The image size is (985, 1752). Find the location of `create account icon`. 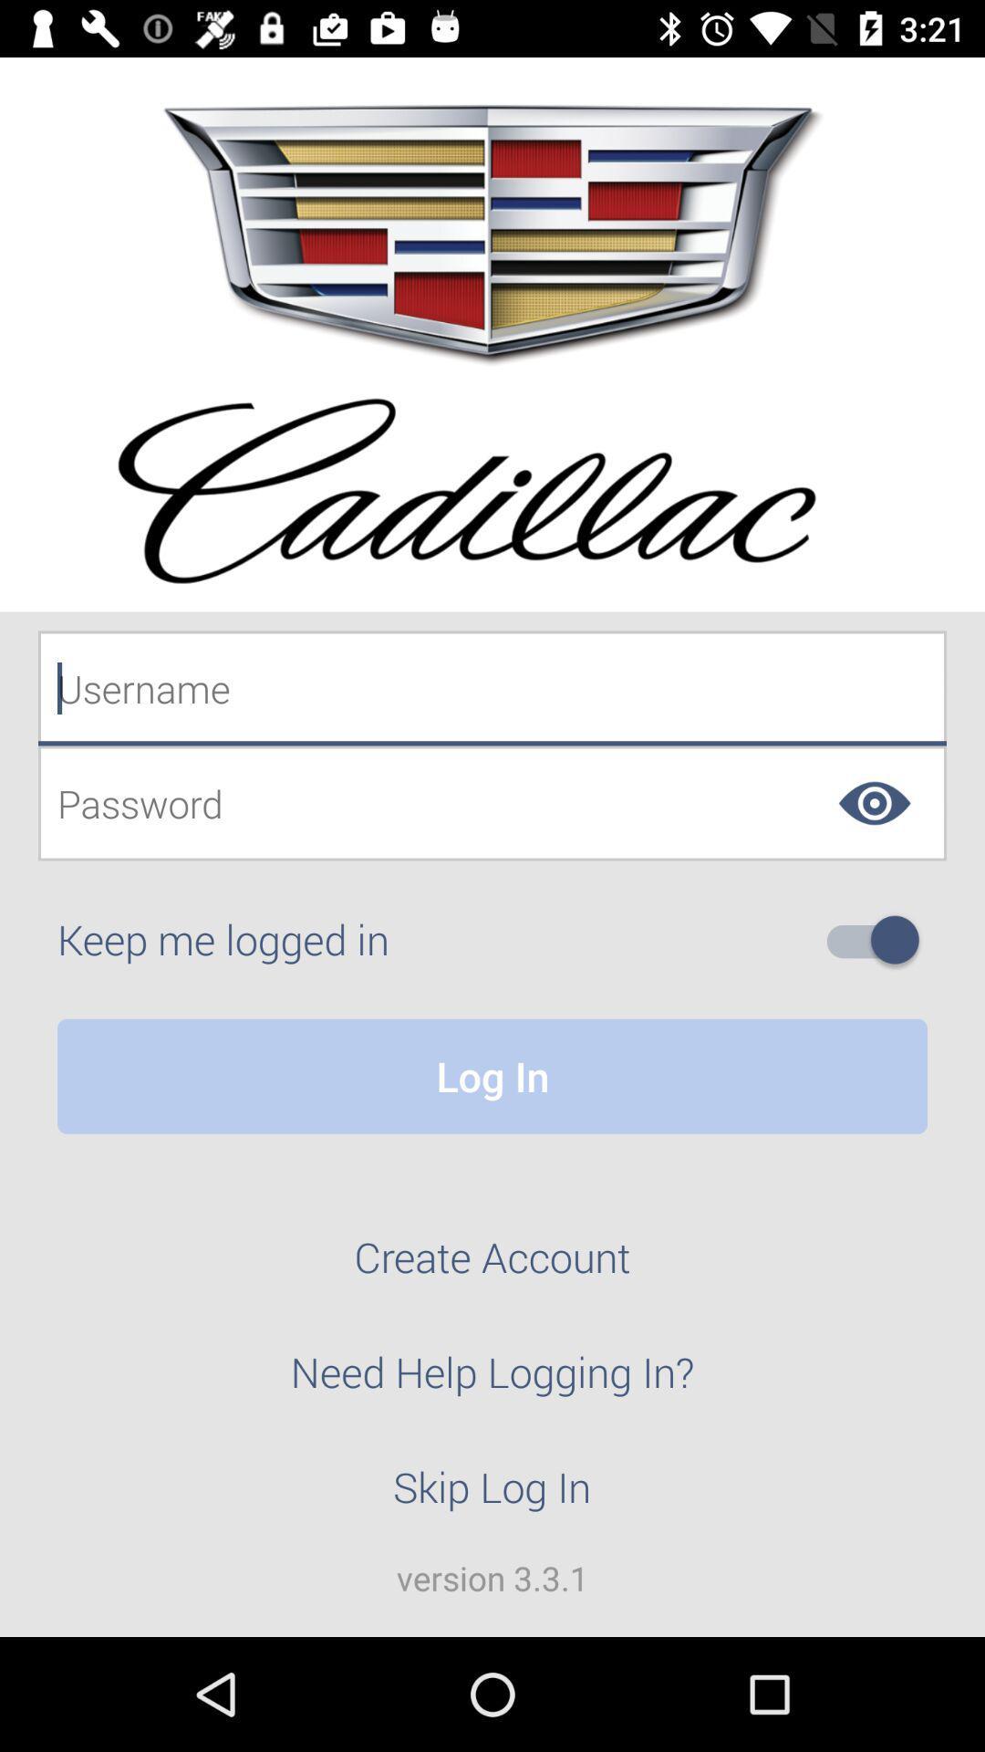

create account icon is located at coordinates (493, 1267).